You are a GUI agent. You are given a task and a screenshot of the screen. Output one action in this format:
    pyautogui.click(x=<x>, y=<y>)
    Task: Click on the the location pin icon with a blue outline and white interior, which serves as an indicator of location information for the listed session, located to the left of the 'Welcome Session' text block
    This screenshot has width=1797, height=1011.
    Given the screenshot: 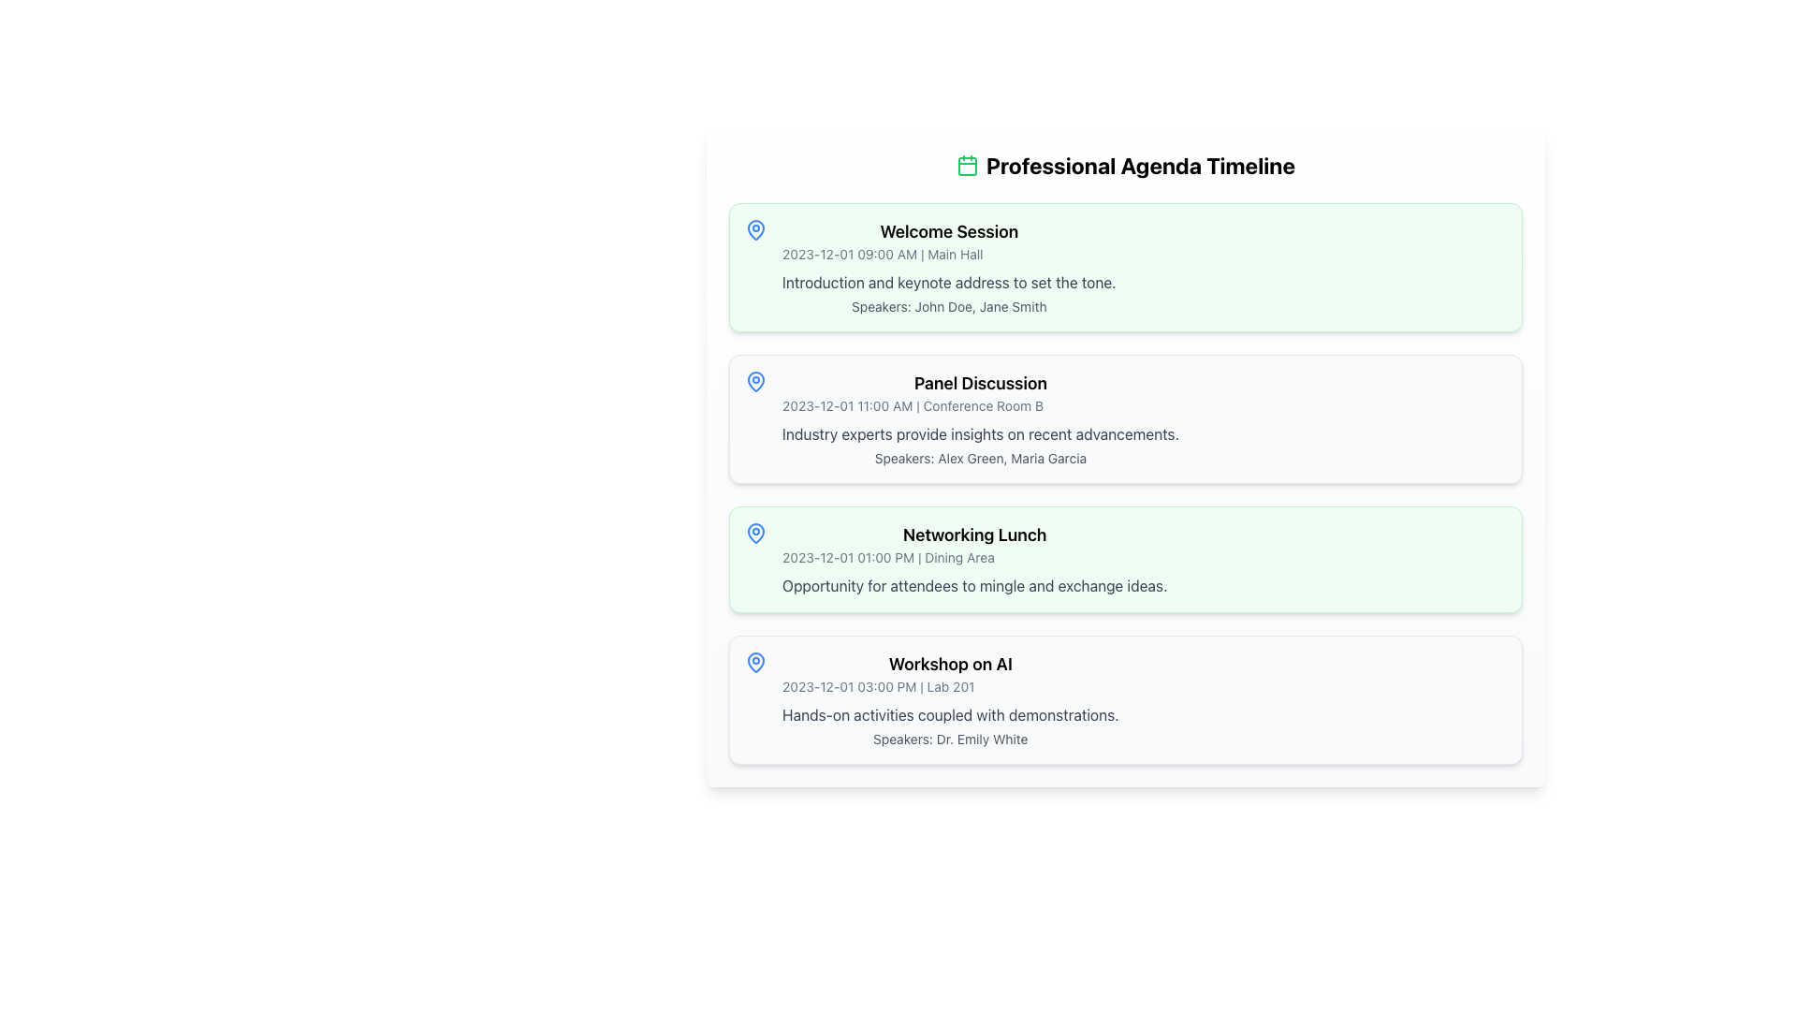 What is the action you would take?
    pyautogui.click(x=755, y=229)
    